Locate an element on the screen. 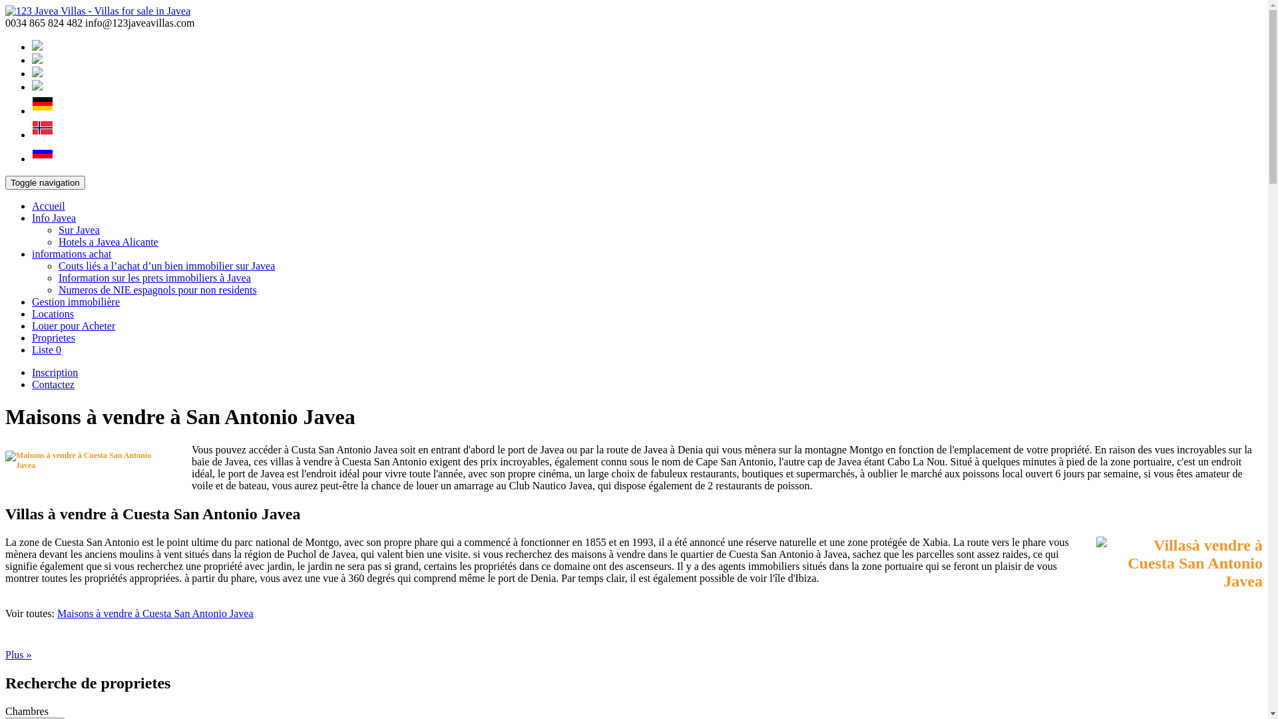 Image resolution: width=1278 pixels, height=719 pixels. 'Sur Javea' is located at coordinates (57, 229).